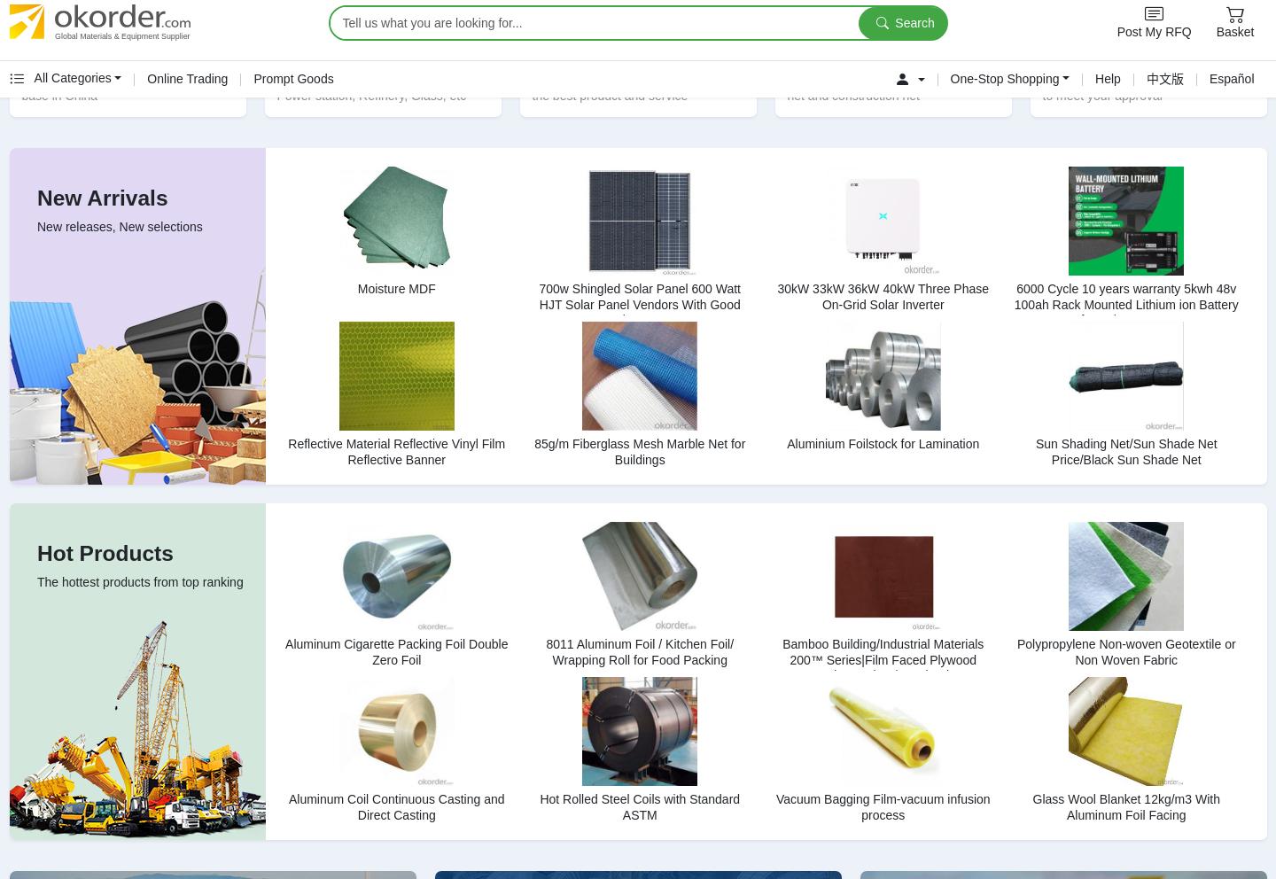  What do you see at coordinates (936, 482) in the screenshot?
I see `'Textile   silk talking Tents'` at bounding box center [936, 482].